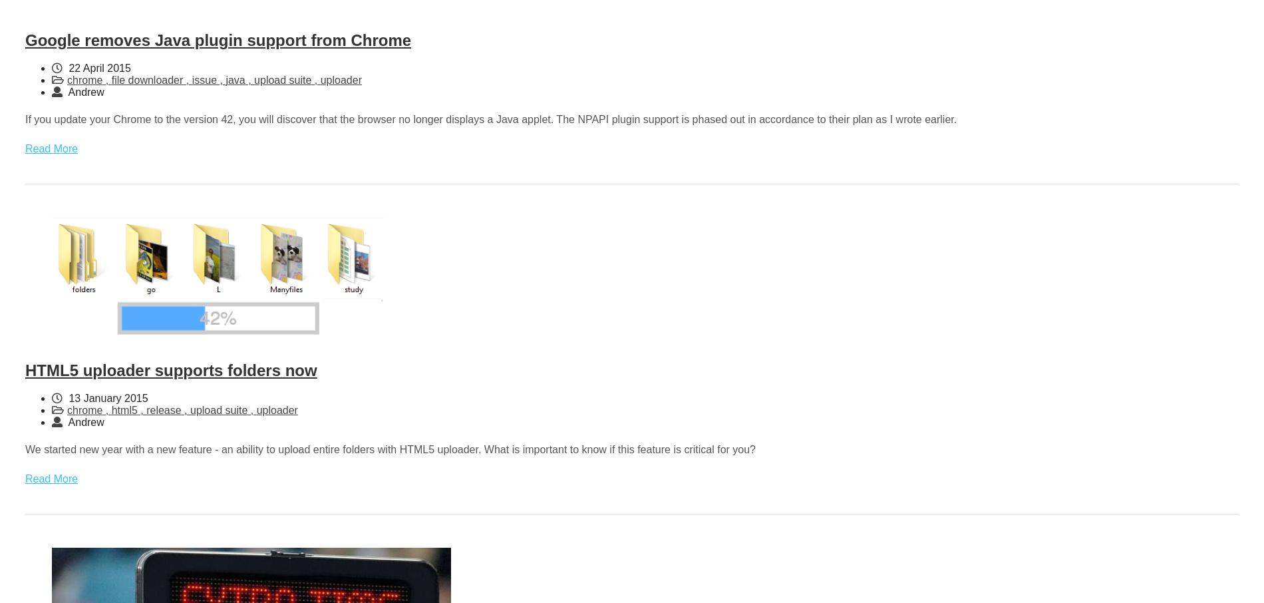 This screenshot has width=1264, height=603. Describe the element at coordinates (146, 79) in the screenshot. I see `'file downloader'` at that location.